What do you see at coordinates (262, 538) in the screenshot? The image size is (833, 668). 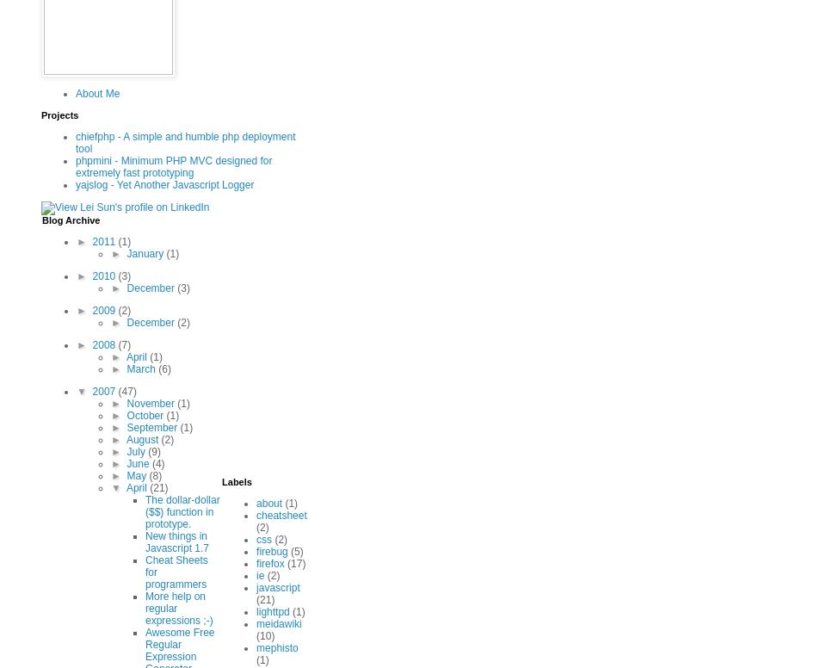 I see `'css'` at bounding box center [262, 538].